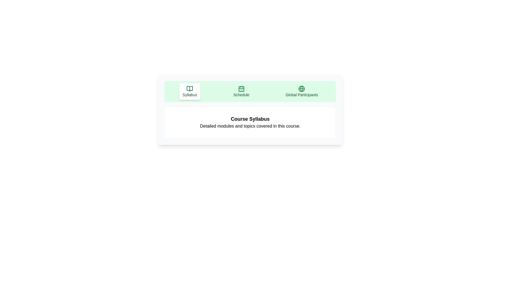 Image resolution: width=528 pixels, height=297 pixels. What do you see at coordinates (301, 91) in the screenshot?
I see `the Global Participants tab to view its content` at bounding box center [301, 91].